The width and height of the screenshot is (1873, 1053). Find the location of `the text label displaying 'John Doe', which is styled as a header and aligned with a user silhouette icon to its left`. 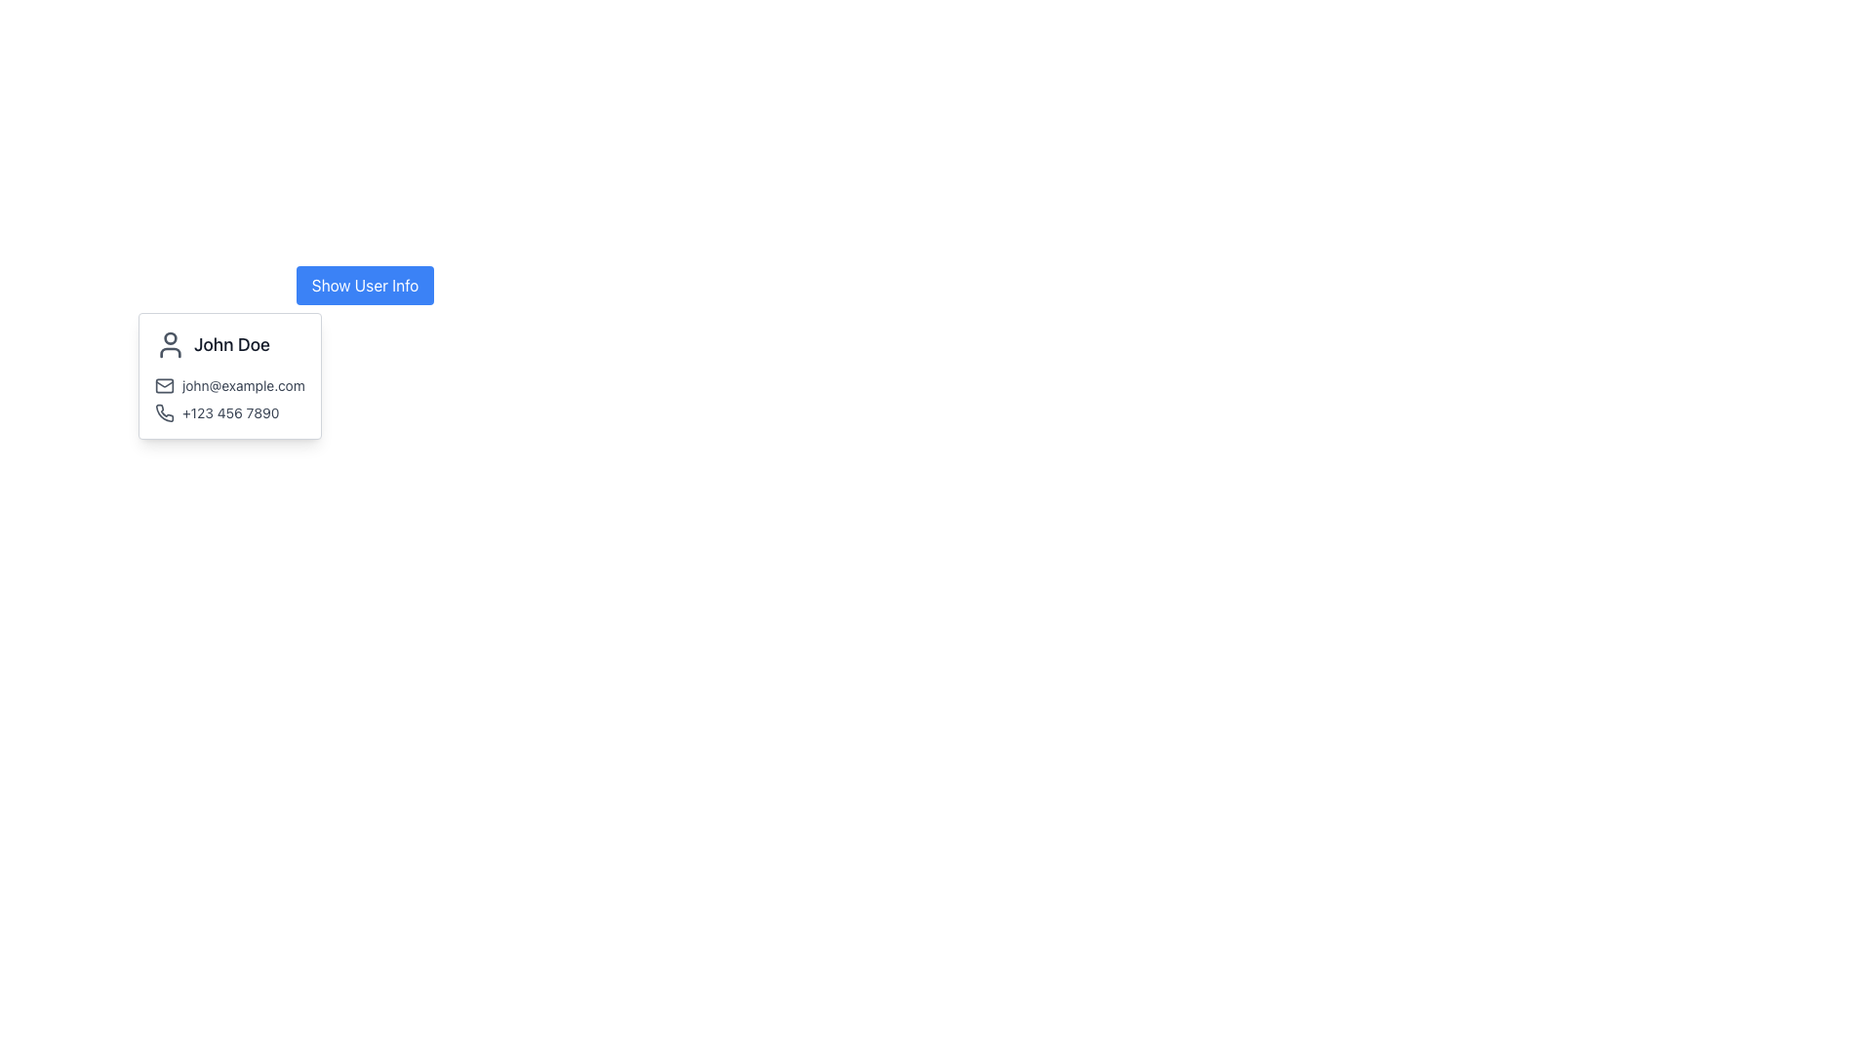

the text label displaying 'John Doe', which is styled as a header and aligned with a user silhouette icon to its left is located at coordinates (229, 344).